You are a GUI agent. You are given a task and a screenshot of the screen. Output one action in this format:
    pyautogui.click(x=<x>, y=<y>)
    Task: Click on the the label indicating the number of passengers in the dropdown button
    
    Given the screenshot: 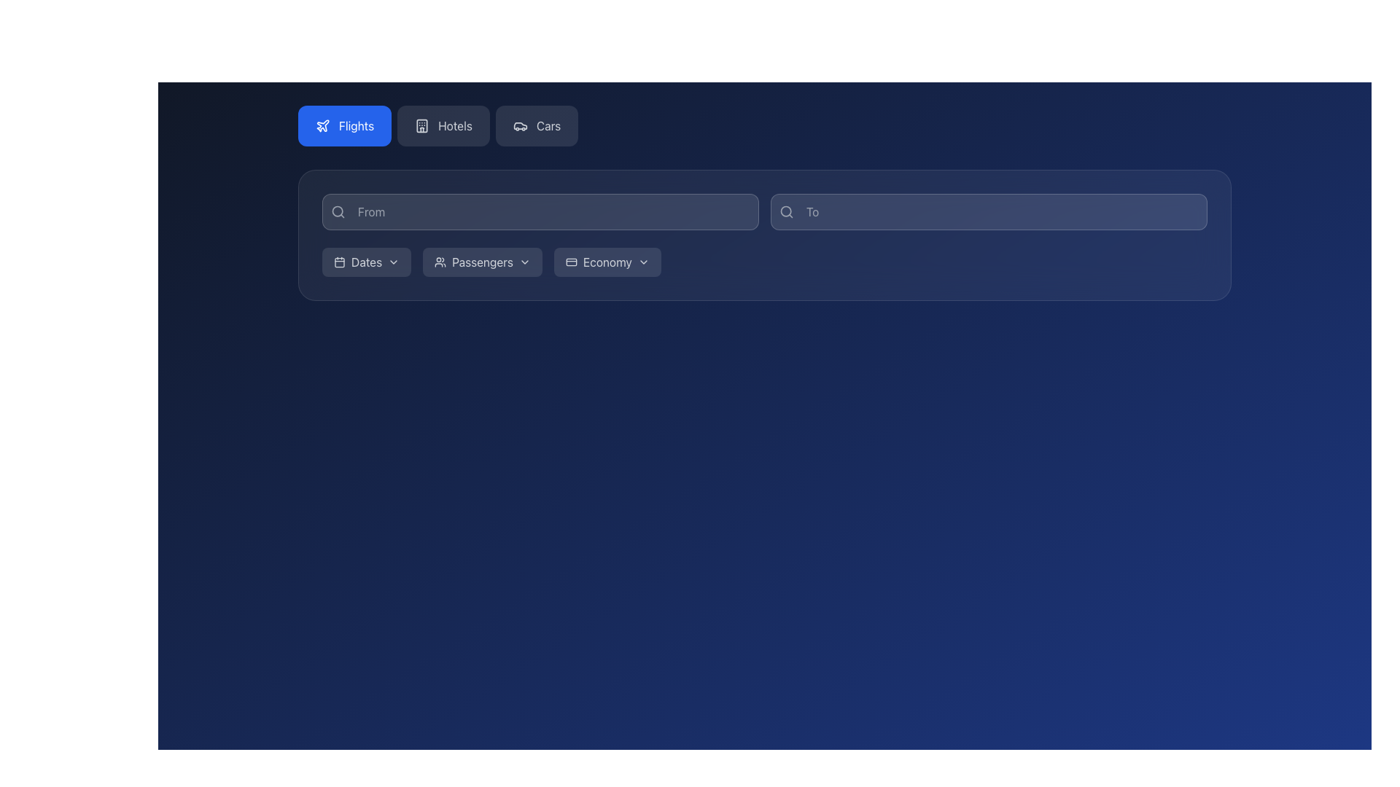 What is the action you would take?
    pyautogui.click(x=483, y=261)
    